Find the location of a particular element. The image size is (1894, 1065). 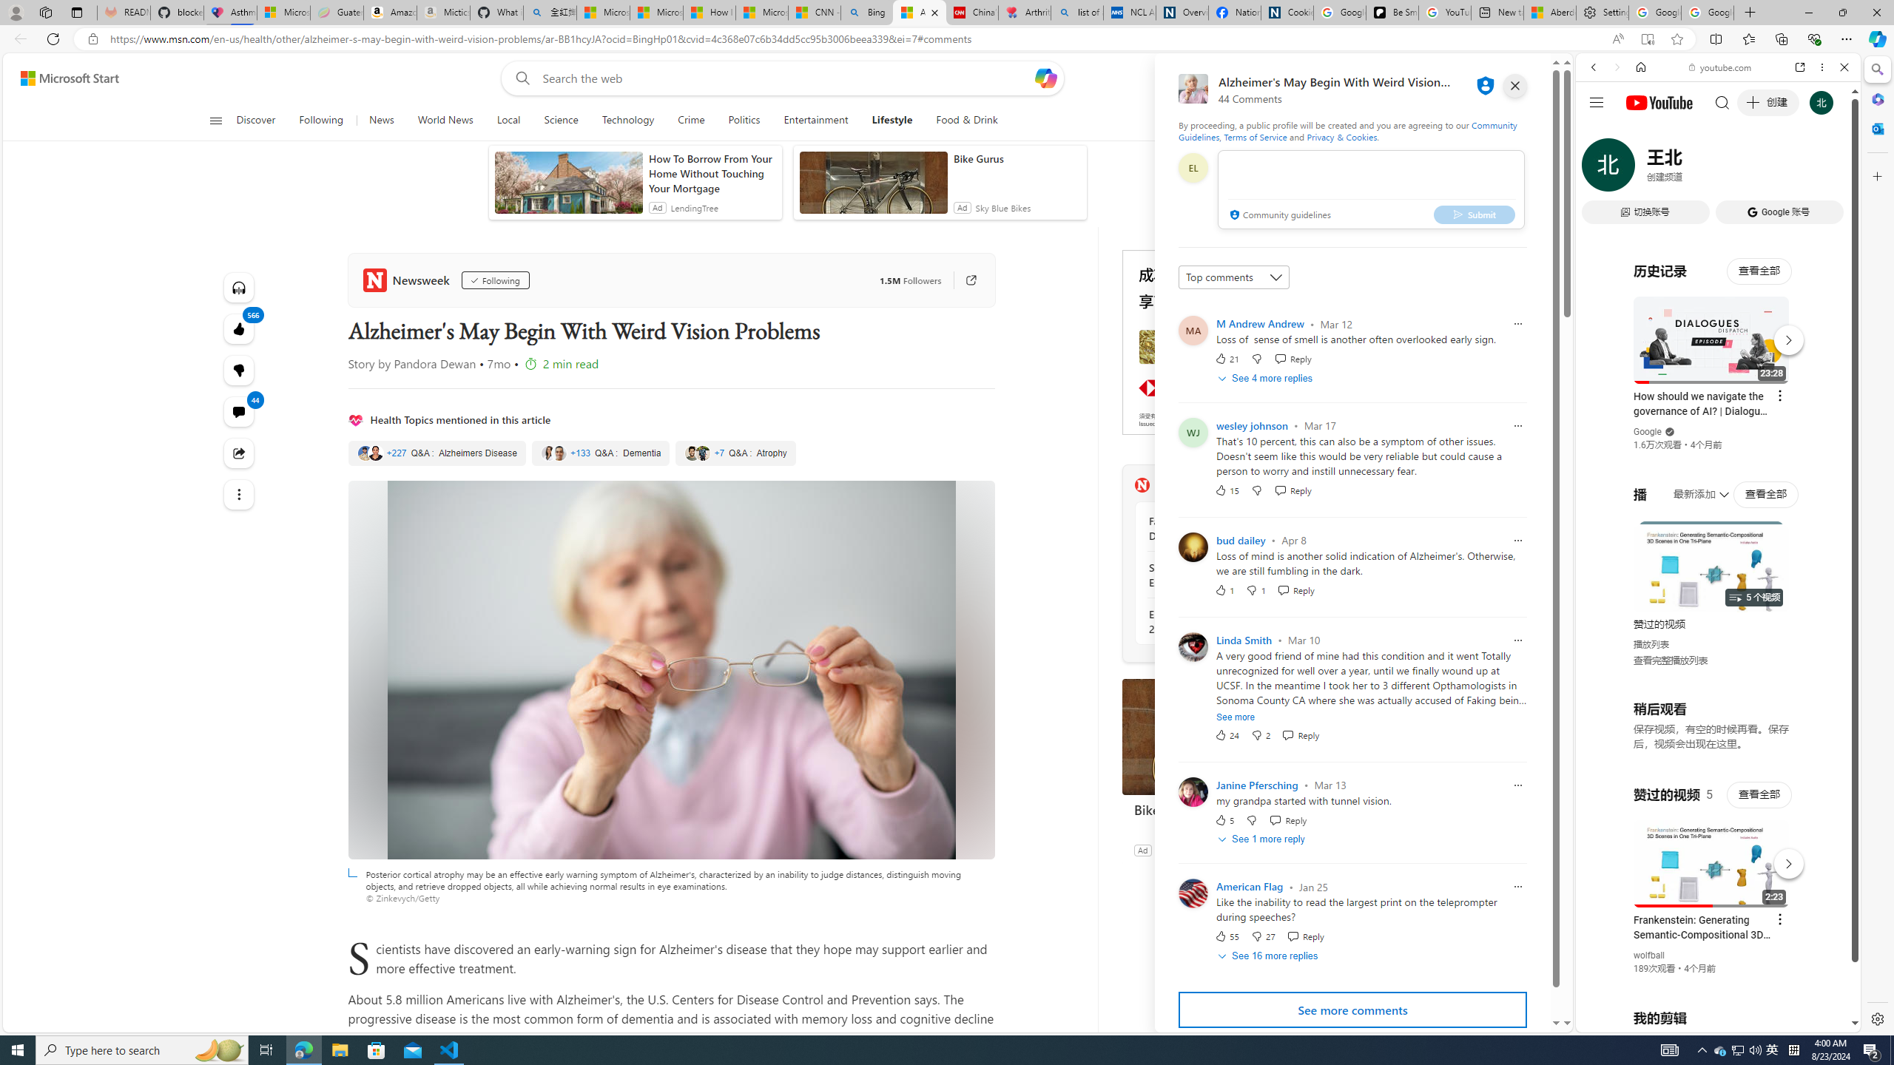

'American Flag' is located at coordinates (1249, 886).